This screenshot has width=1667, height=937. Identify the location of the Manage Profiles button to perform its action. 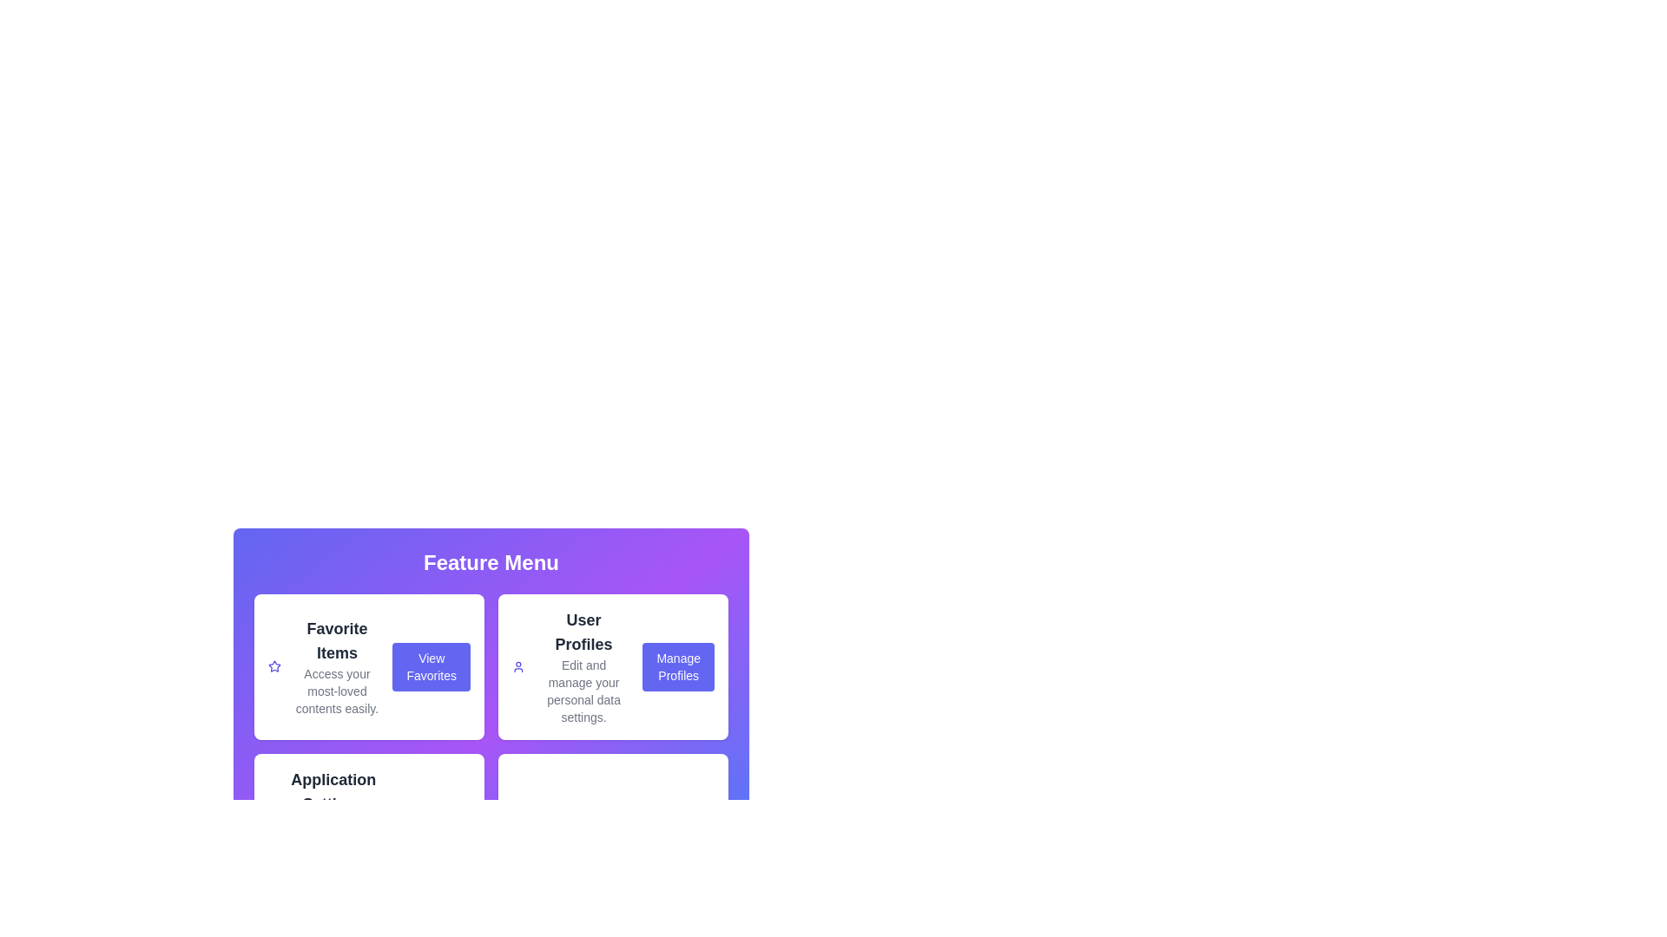
(677, 665).